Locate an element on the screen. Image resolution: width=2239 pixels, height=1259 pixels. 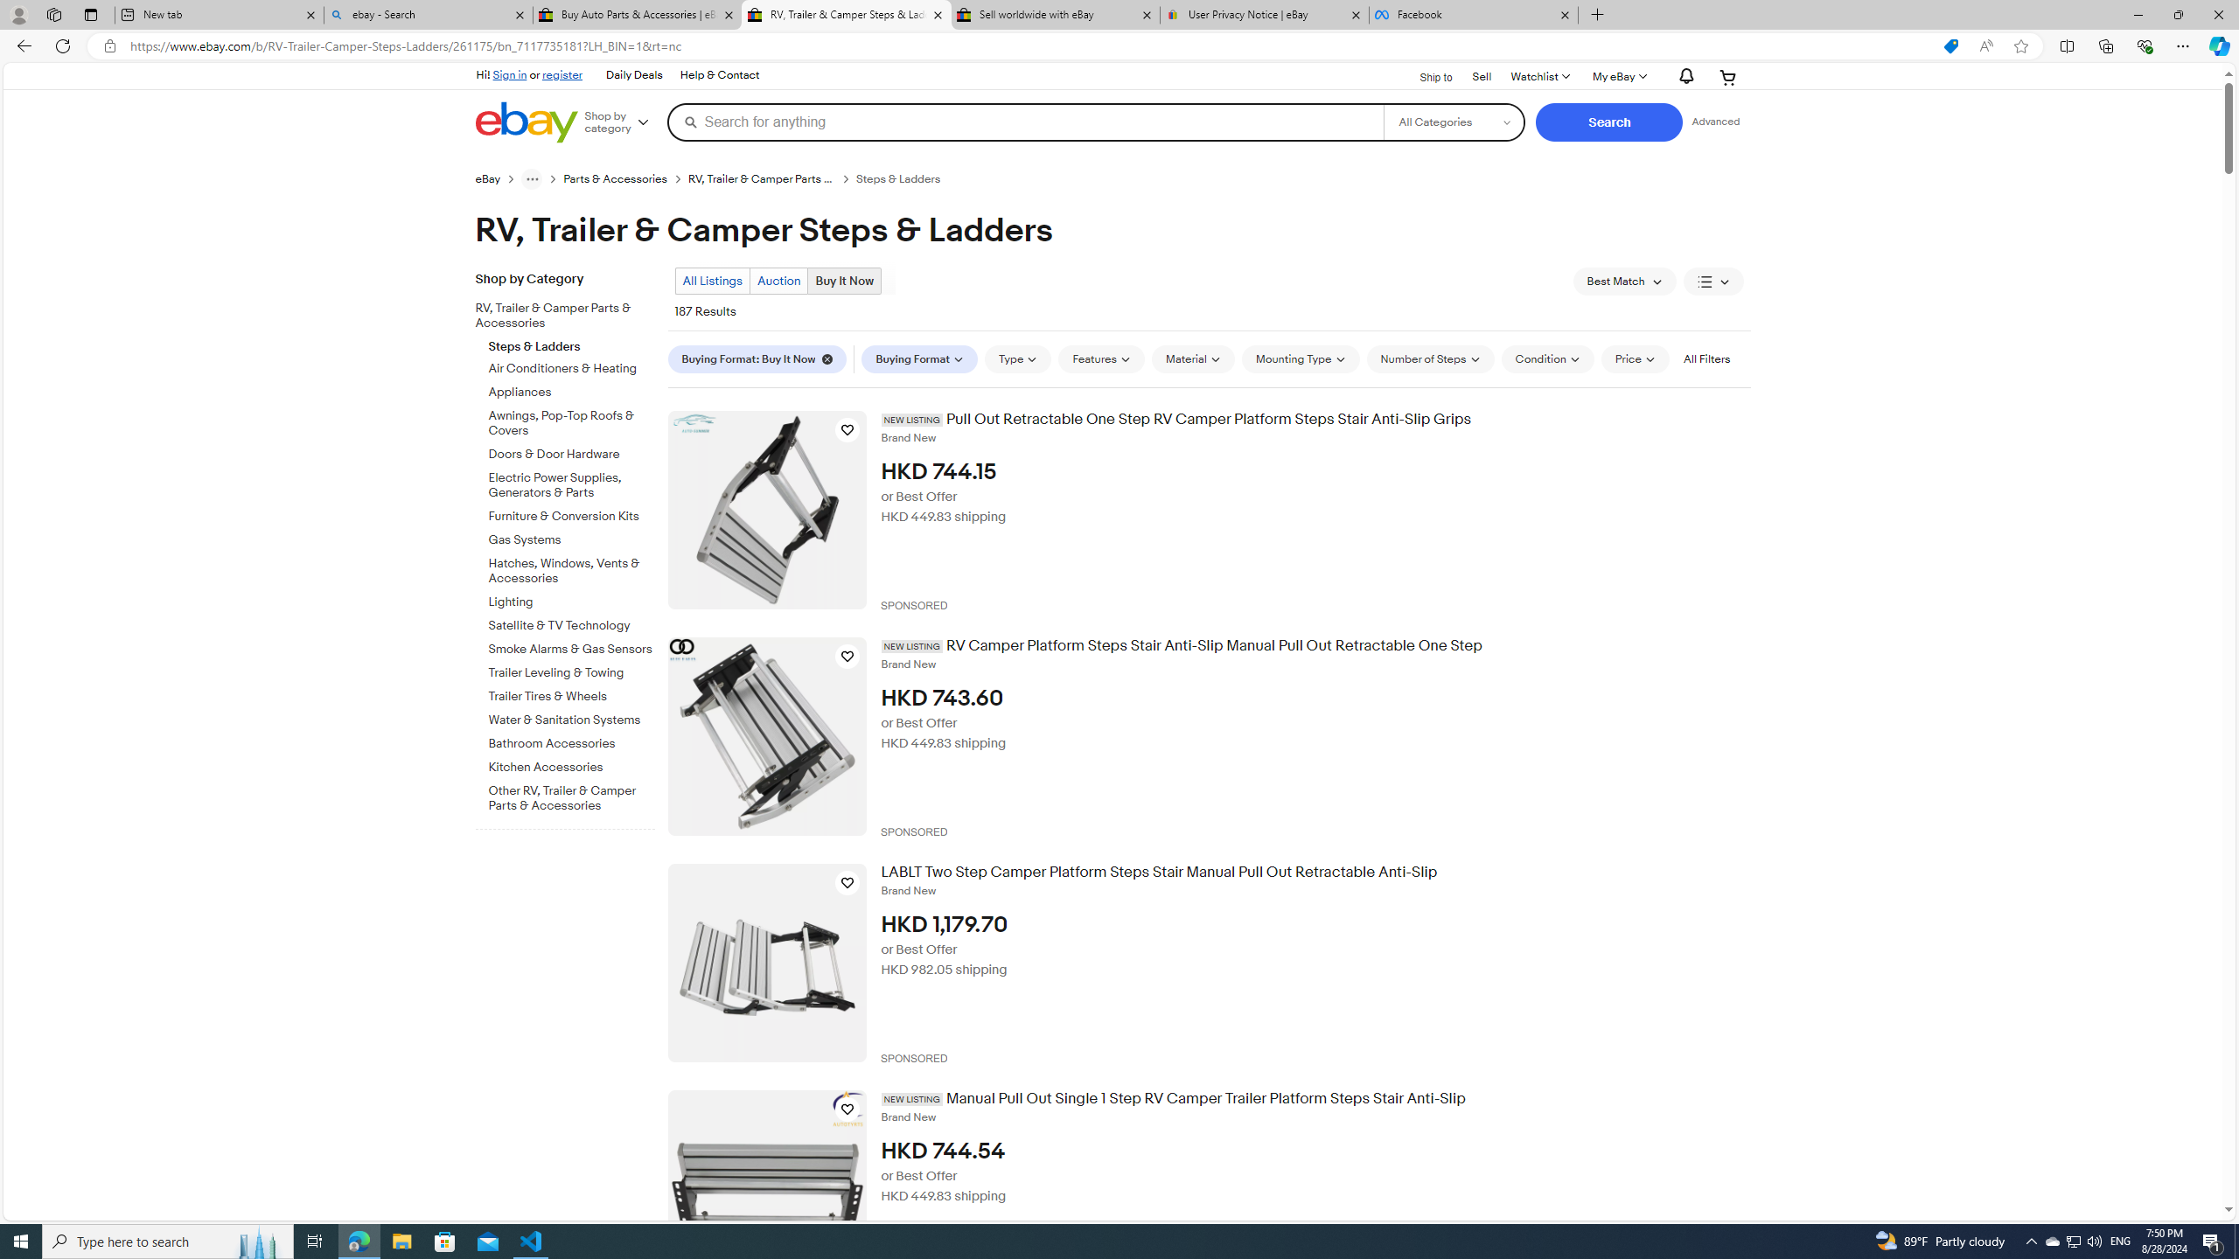
'Auction' is located at coordinates (778, 281).